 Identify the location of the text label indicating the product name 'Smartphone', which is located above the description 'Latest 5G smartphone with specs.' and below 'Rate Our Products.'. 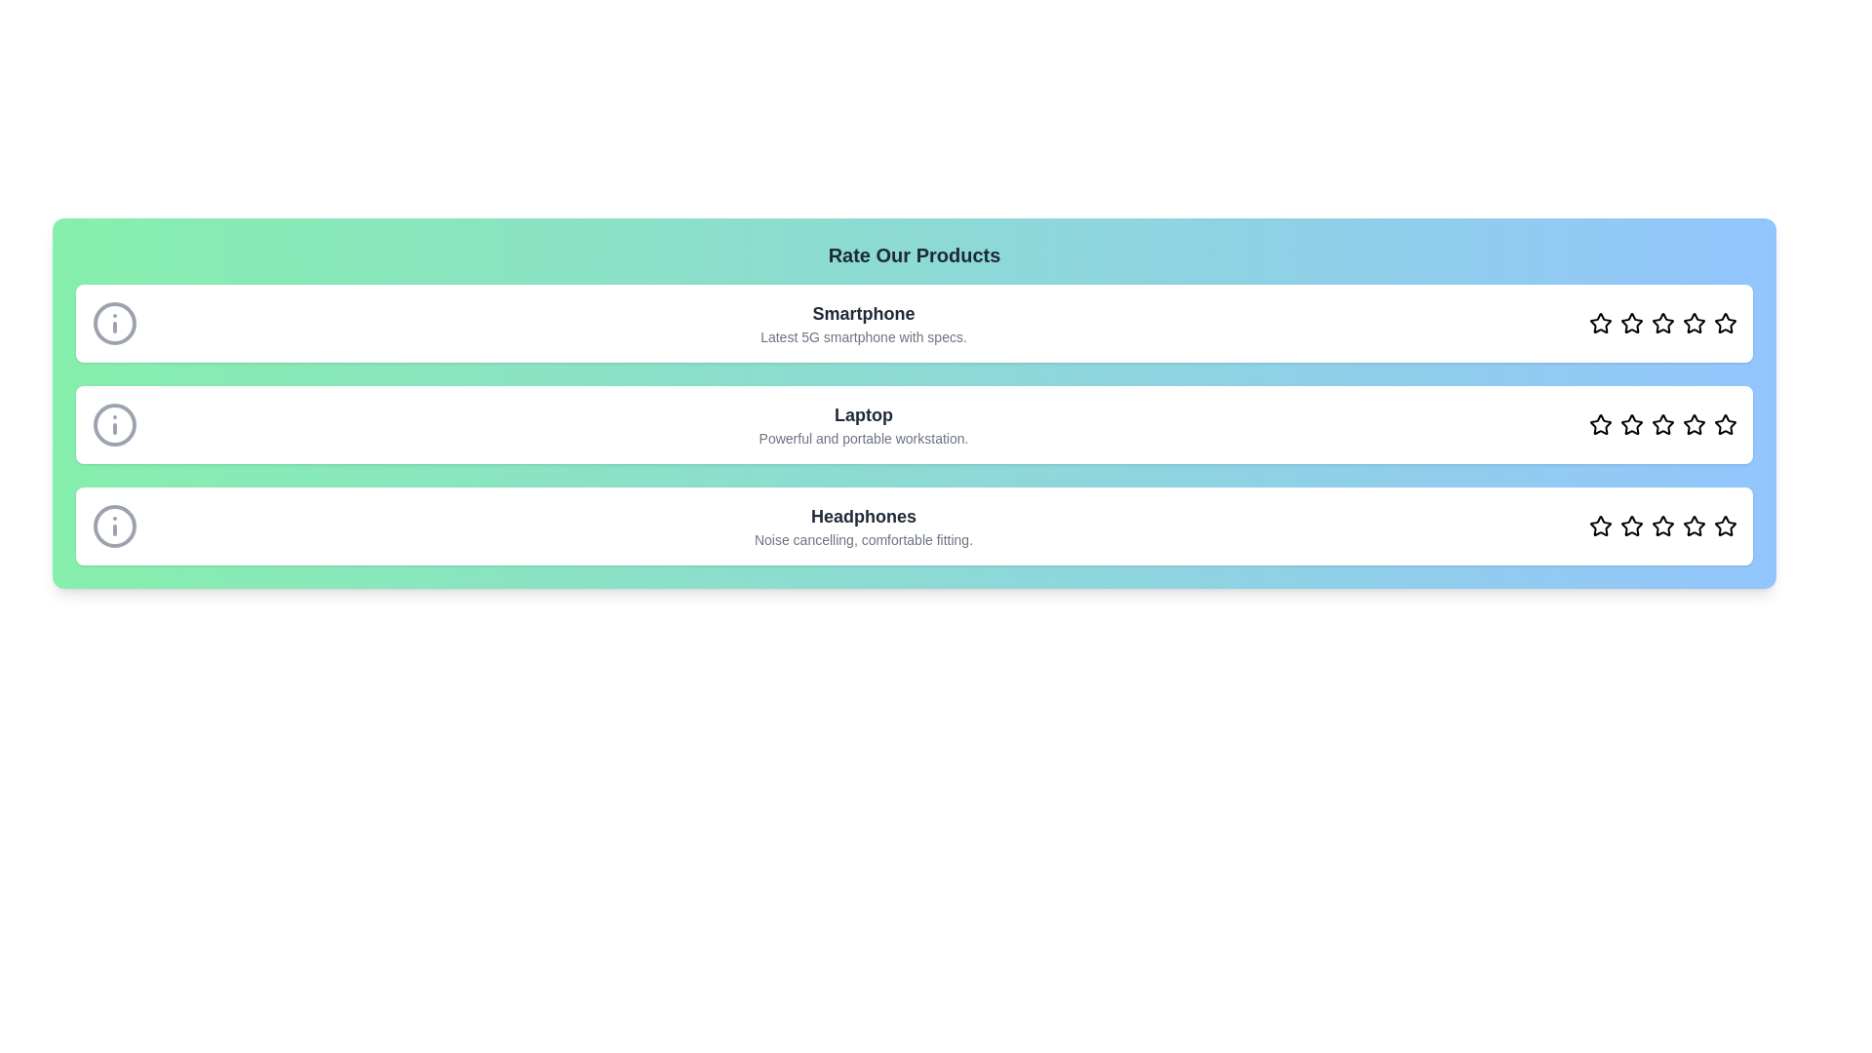
(863, 312).